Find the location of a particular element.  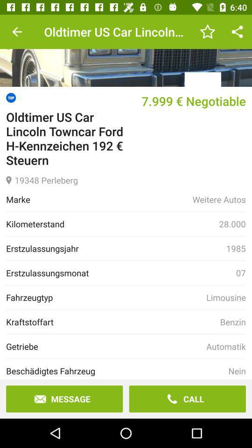

item next to oldtimer us car is located at coordinates (17, 32).